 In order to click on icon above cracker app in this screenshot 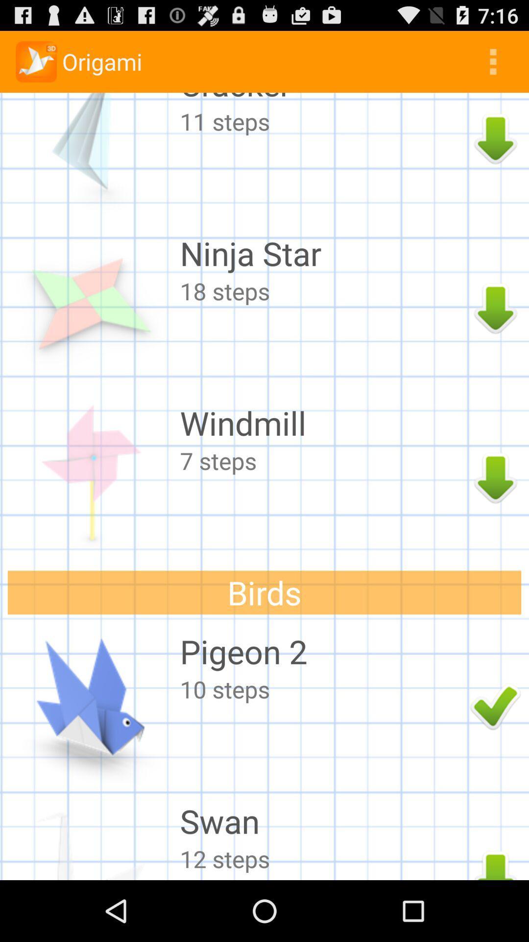, I will do `click(493, 61)`.